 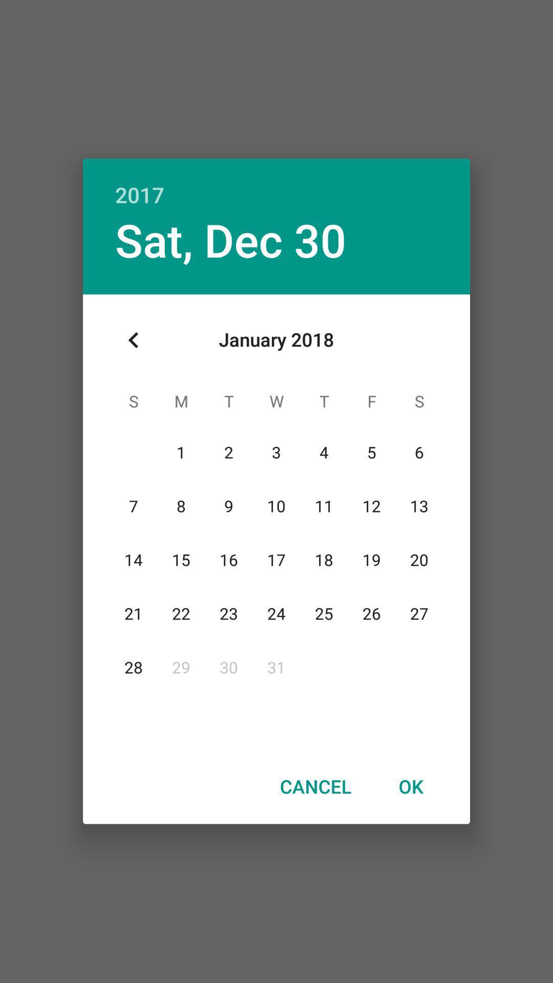 I want to click on item at the bottom right corner, so click(x=410, y=786).